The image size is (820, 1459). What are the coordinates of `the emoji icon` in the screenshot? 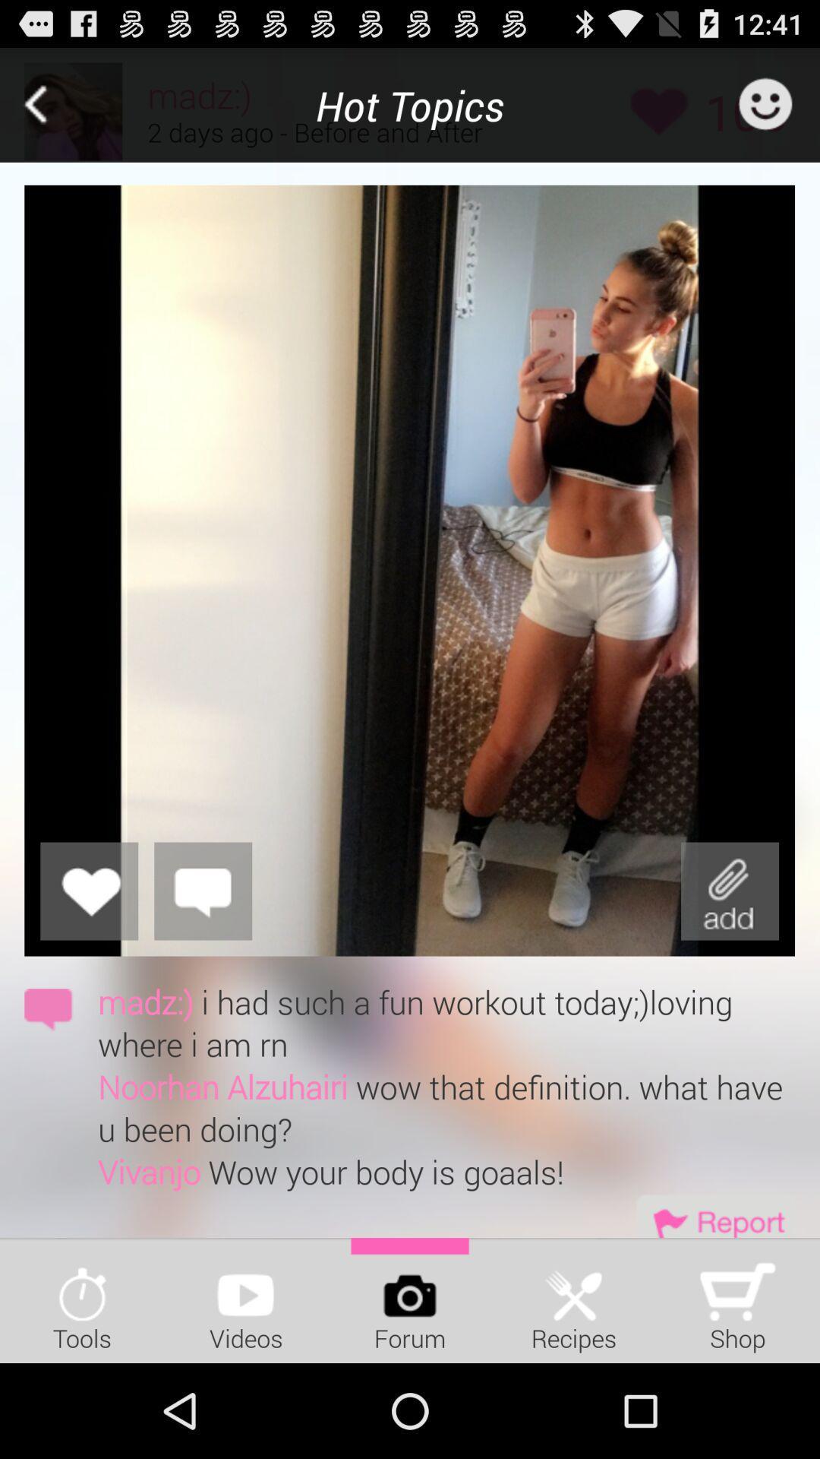 It's located at (765, 111).